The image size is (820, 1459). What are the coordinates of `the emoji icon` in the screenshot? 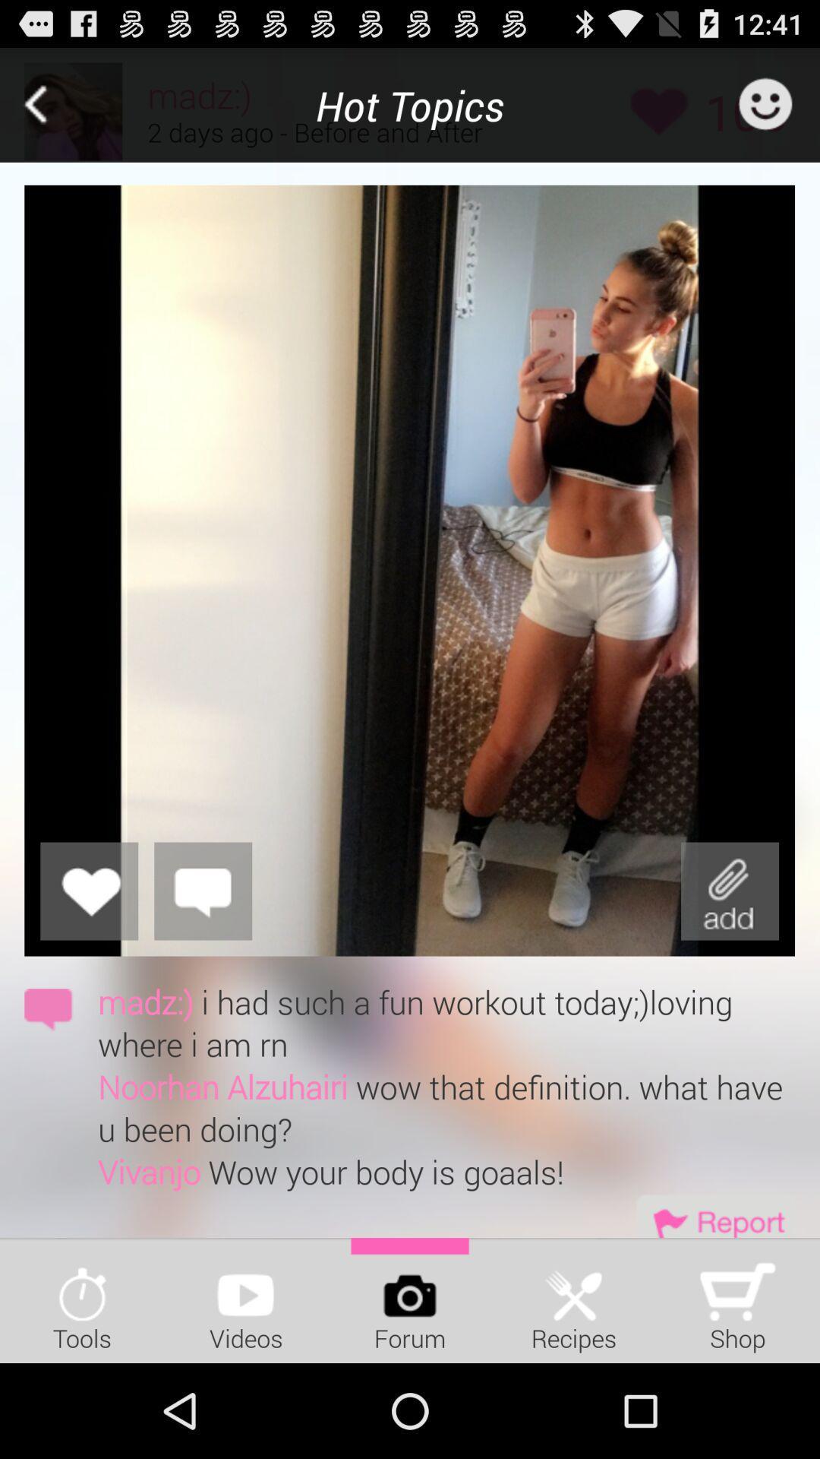 It's located at (765, 111).